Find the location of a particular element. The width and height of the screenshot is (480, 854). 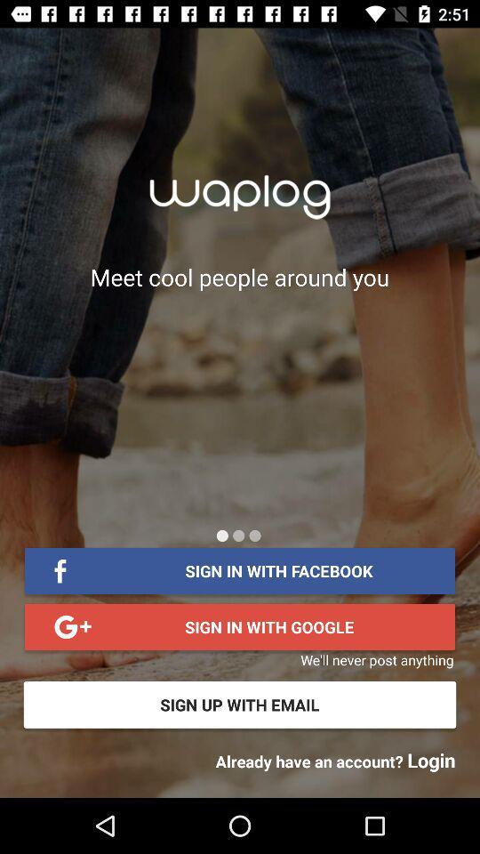

other scream is located at coordinates (254, 535).